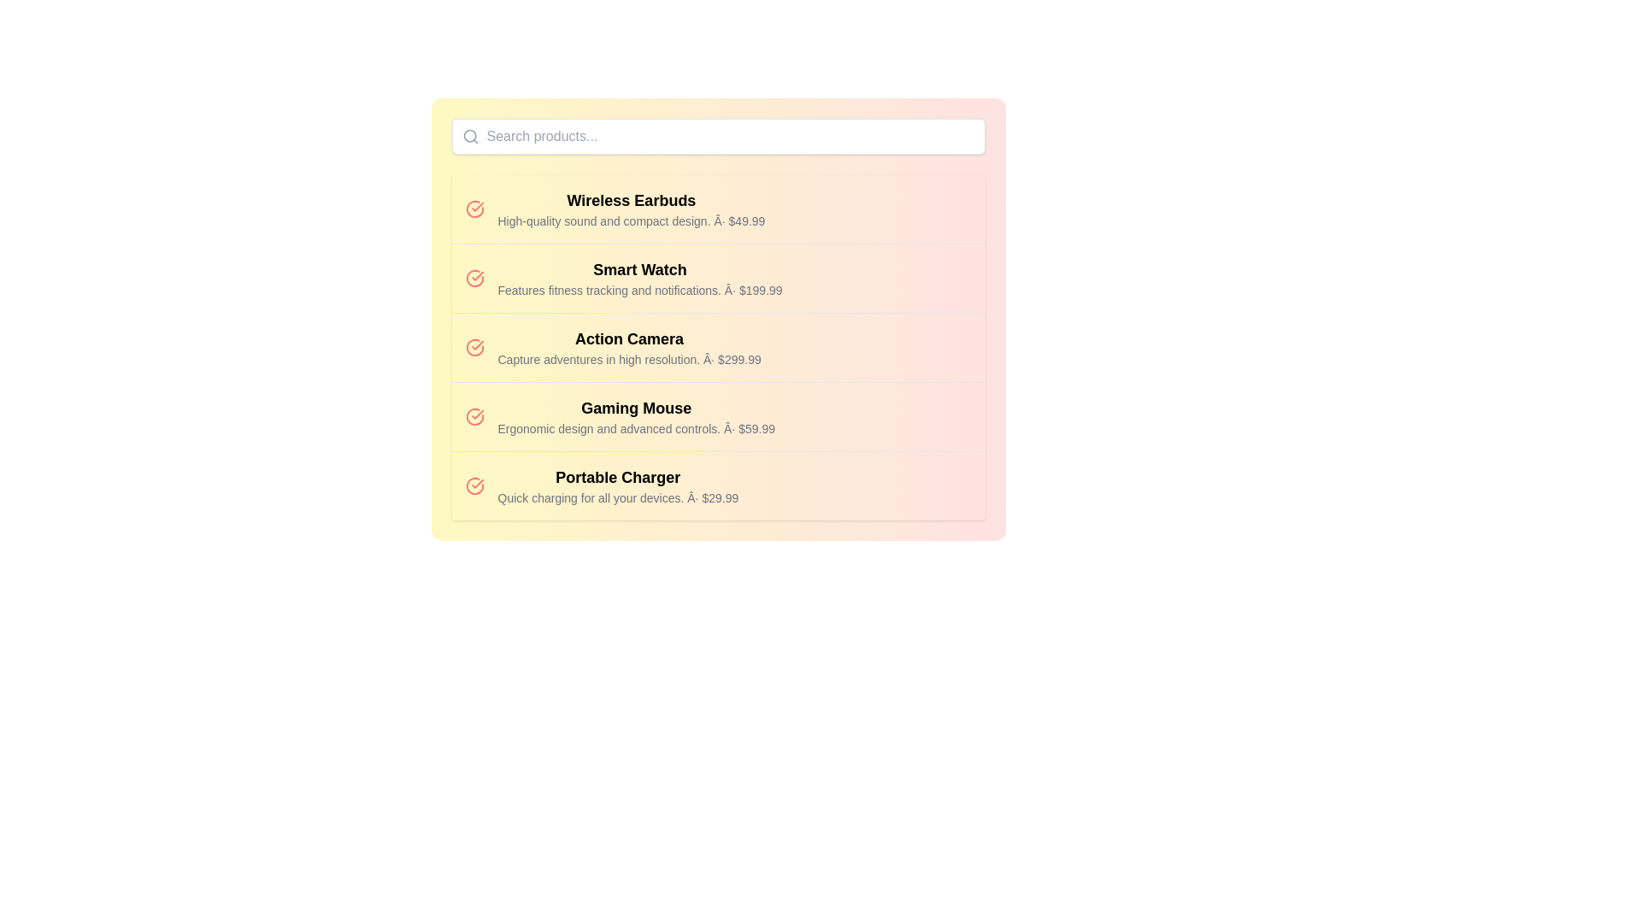 Image resolution: width=1641 pixels, height=923 pixels. I want to click on the text label that describes the 'Gaming Mouse' product, which is positioned directly below the title 'Gaming Mouse' and aligns with its left edge, so click(635, 427).